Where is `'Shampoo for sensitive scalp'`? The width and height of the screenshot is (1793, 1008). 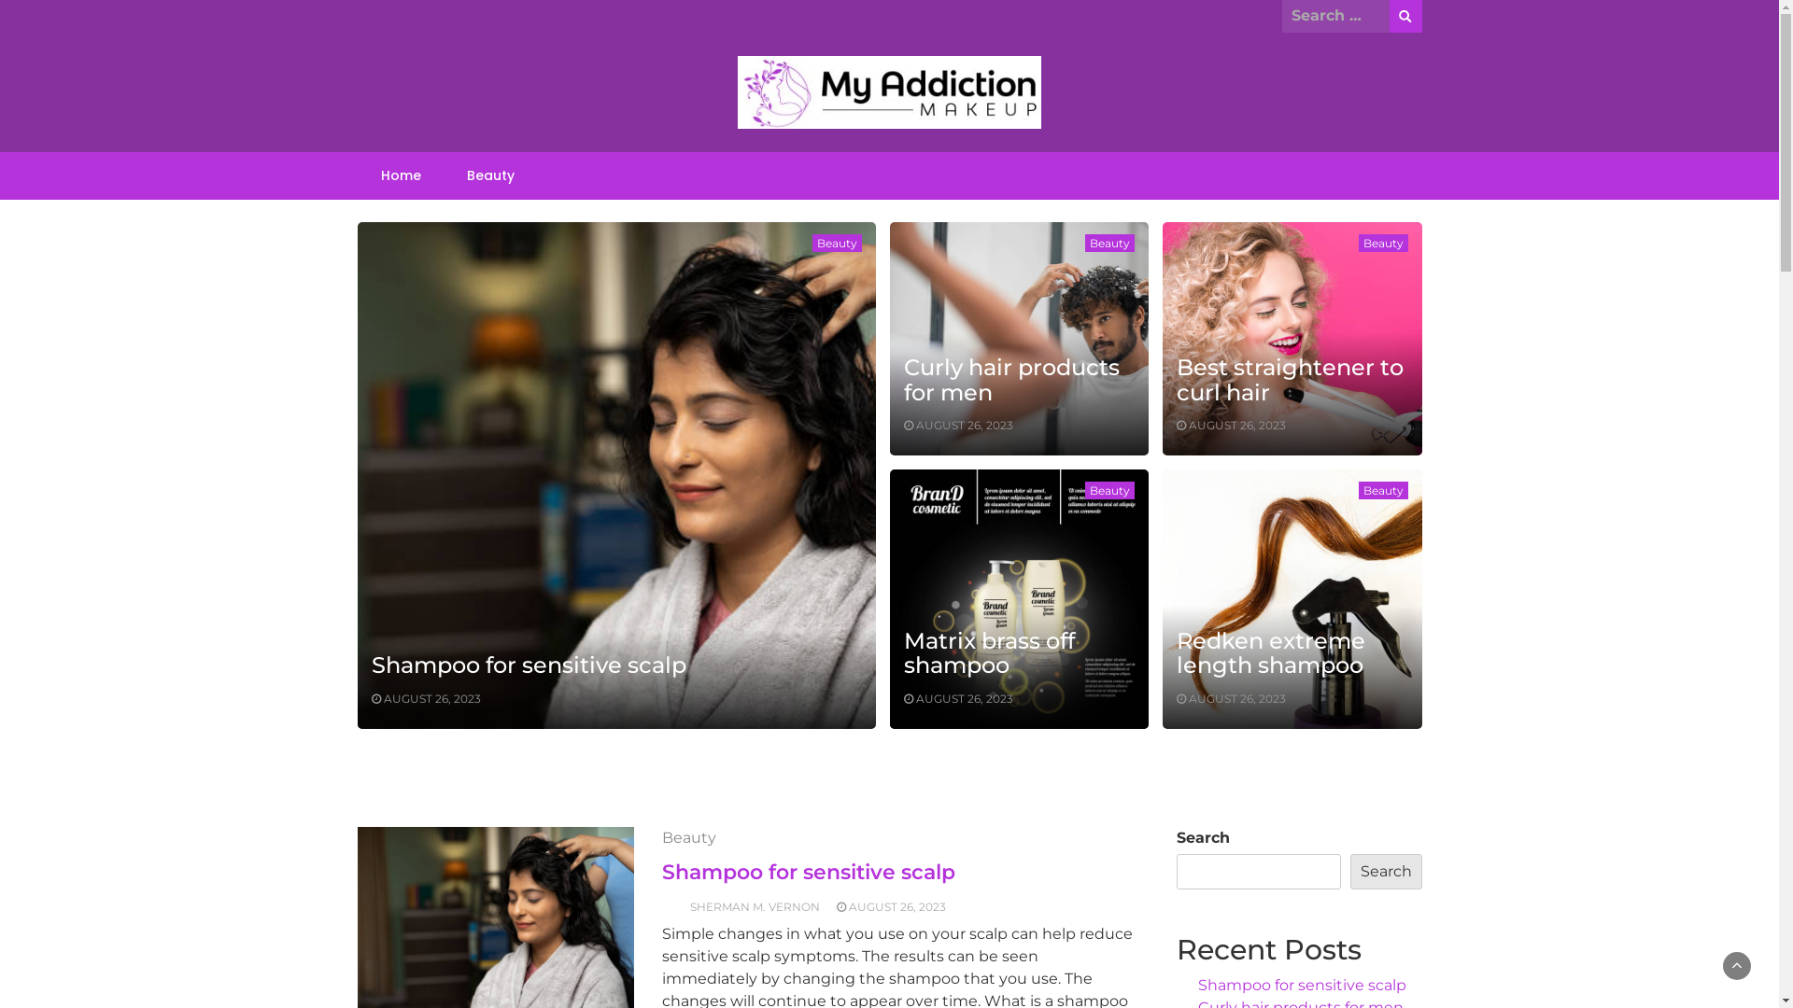 'Shampoo for sensitive scalp' is located at coordinates (528, 664).